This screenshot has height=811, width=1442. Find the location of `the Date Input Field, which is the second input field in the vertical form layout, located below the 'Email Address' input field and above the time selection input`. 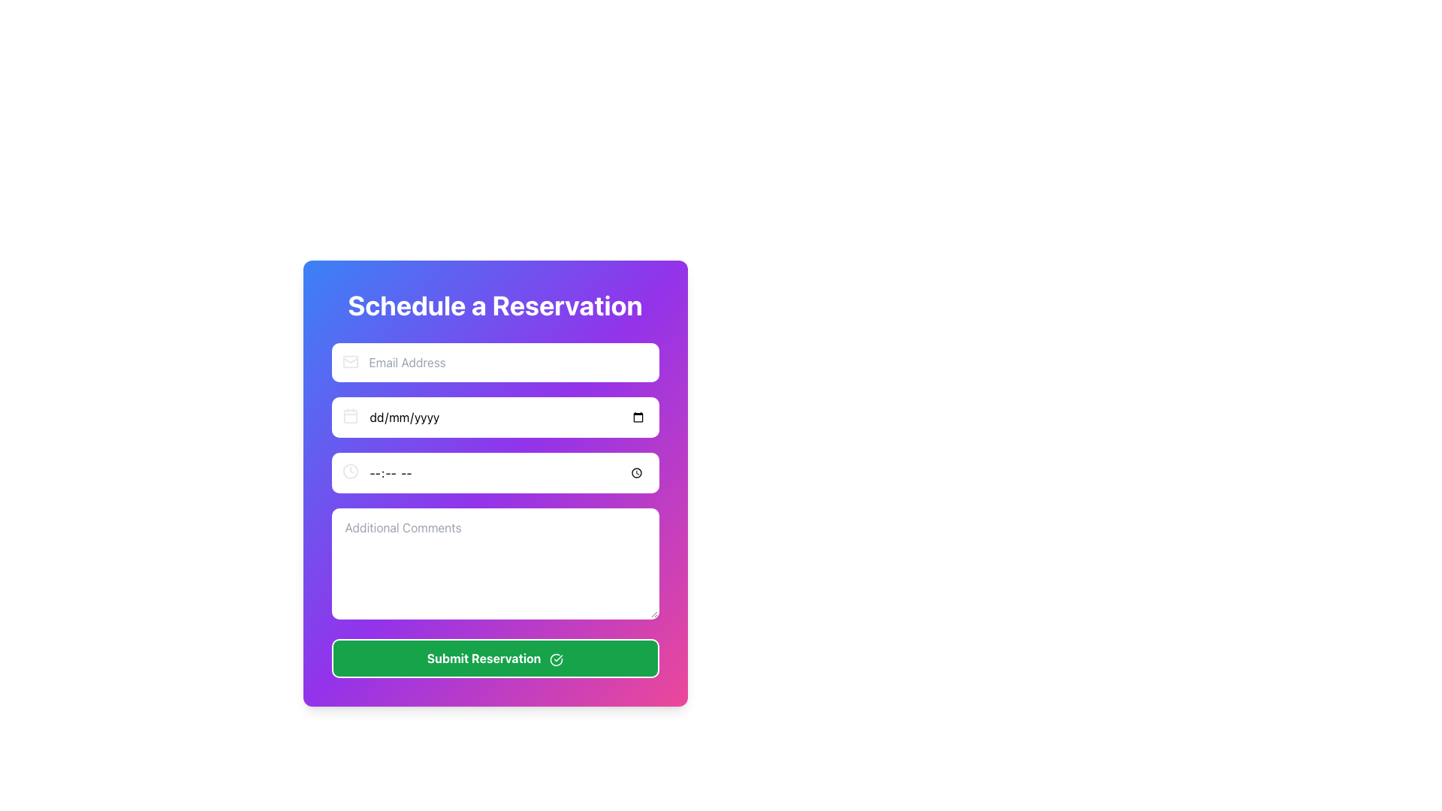

the Date Input Field, which is the second input field in the vertical form layout, located below the 'Email Address' input field and above the time selection input is located at coordinates (495, 417).